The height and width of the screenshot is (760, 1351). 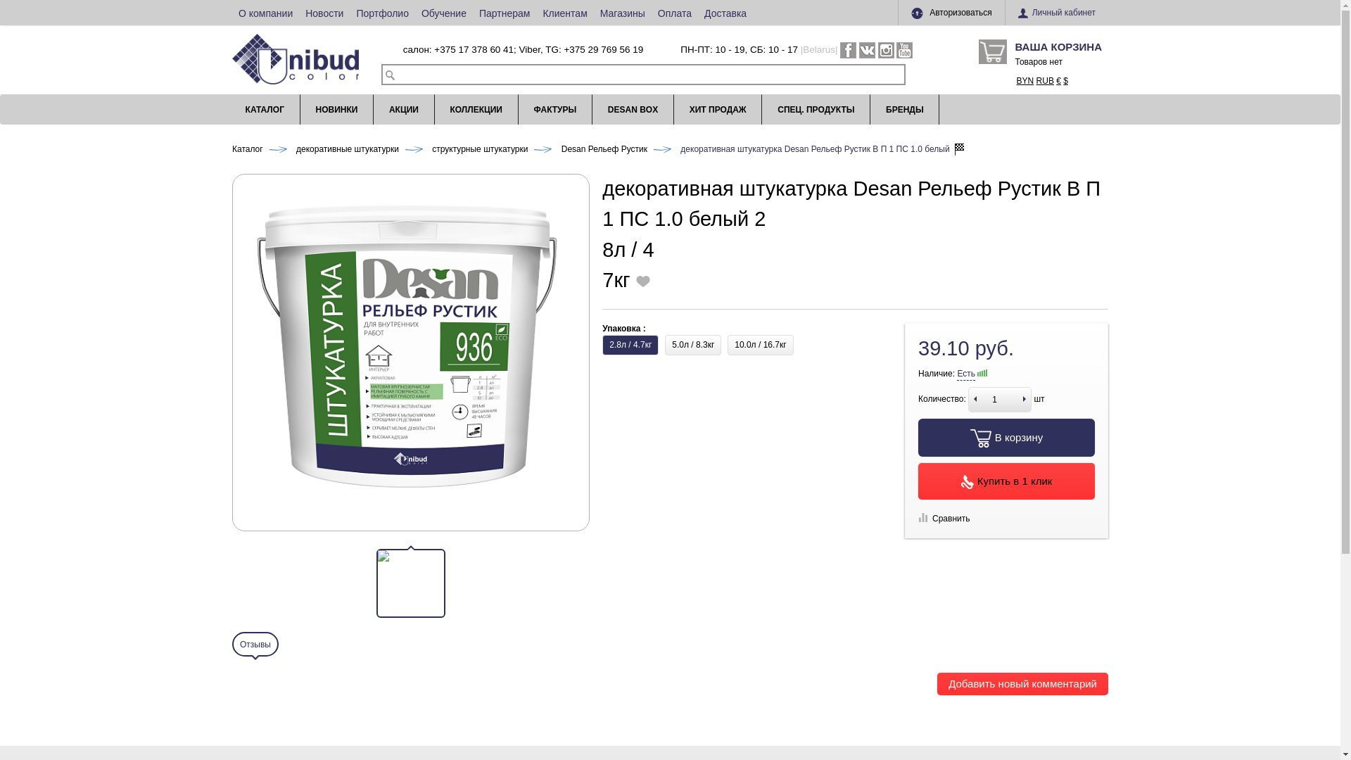 I want to click on '$', so click(x=1065, y=81).